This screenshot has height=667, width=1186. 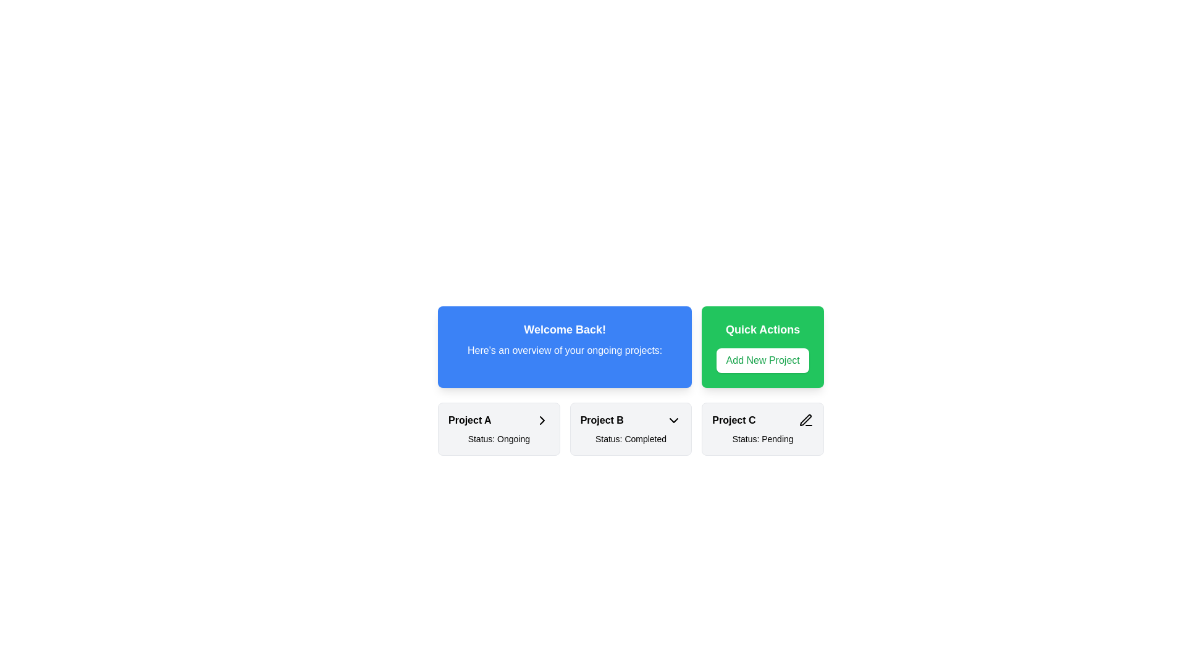 What do you see at coordinates (762, 360) in the screenshot?
I see `the 'Add New Project' button with green font, located in the lower section of the 'Quick Actions' card to trigger hover effects` at bounding box center [762, 360].